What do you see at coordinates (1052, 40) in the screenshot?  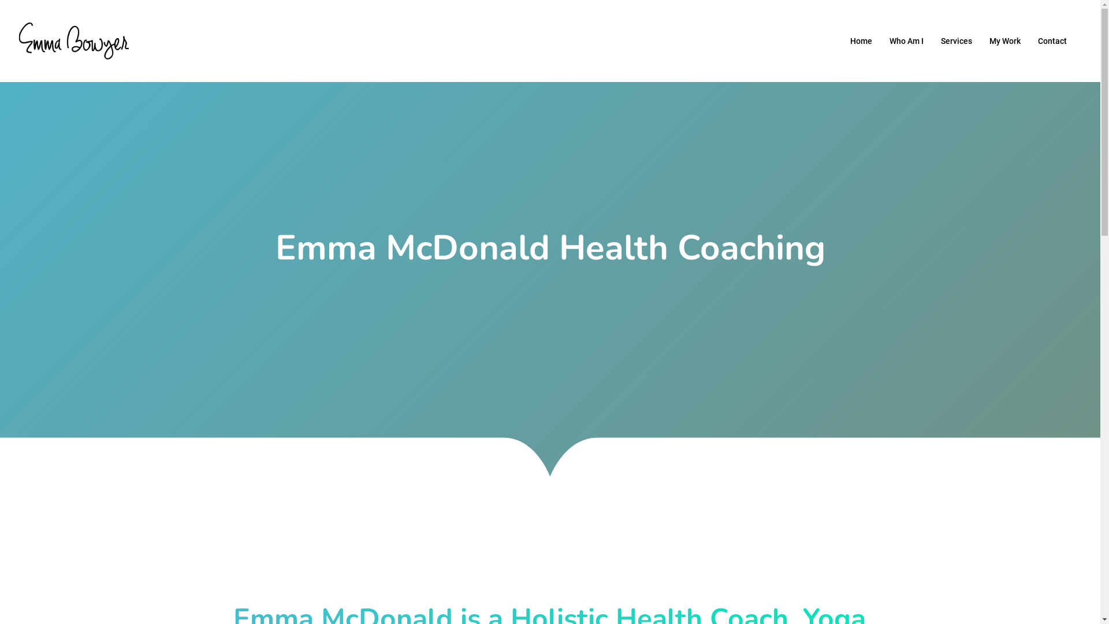 I see `'Contact'` at bounding box center [1052, 40].